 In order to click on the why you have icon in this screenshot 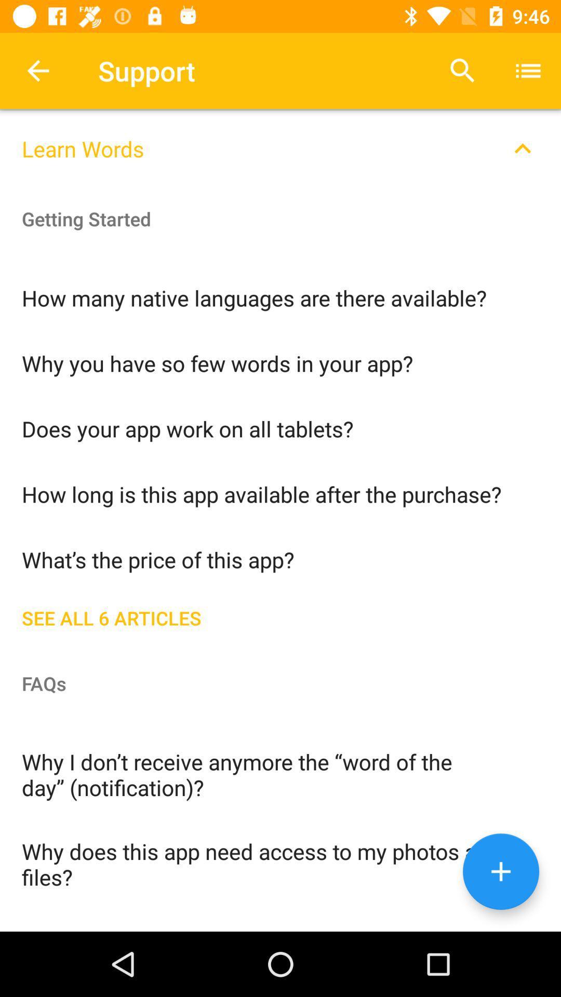, I will do `click(280, 362)`.